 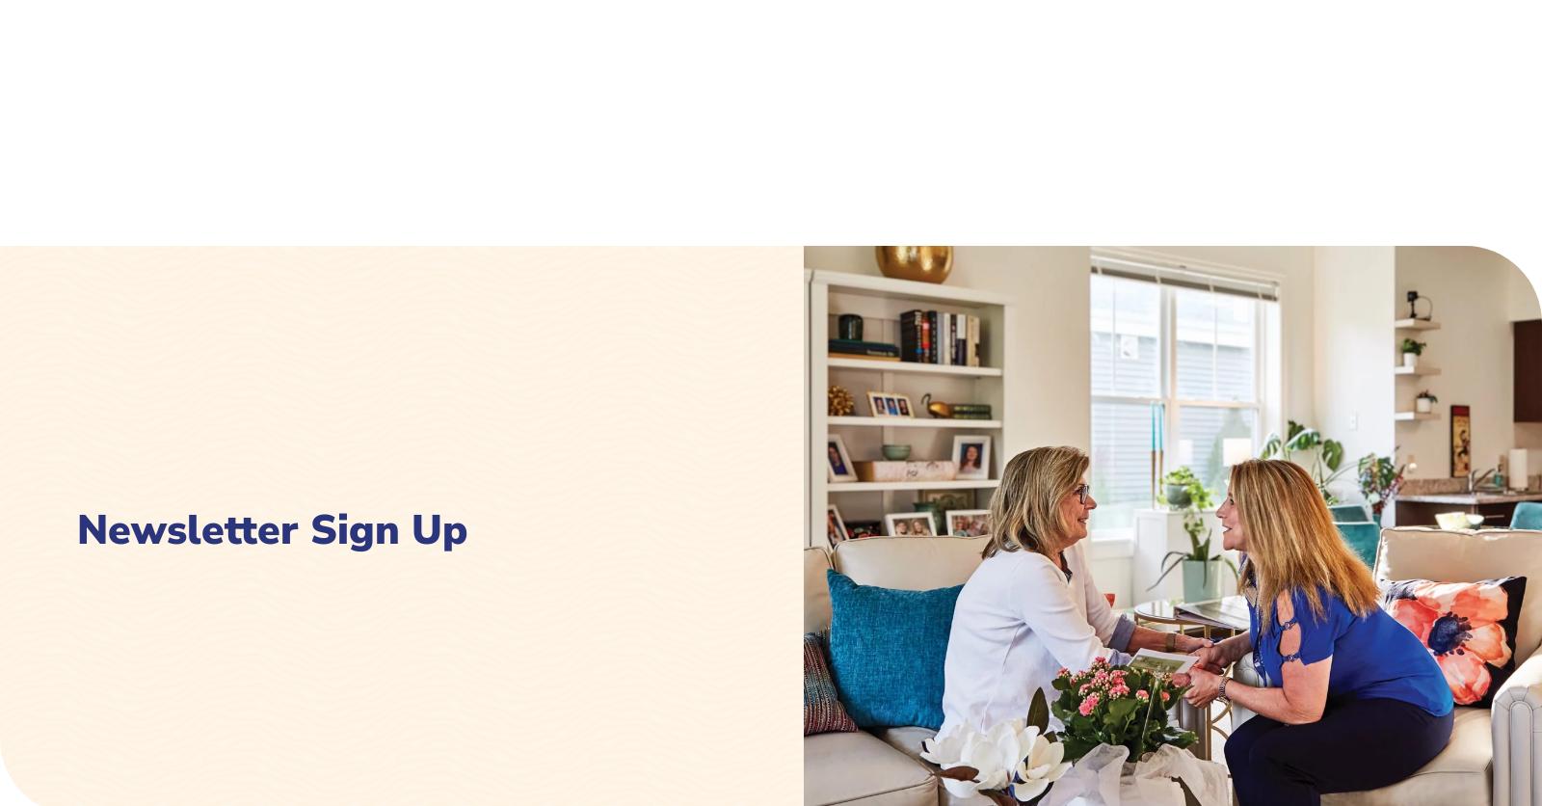 I want to click on 'Contact', so click(x=1074, y=218).